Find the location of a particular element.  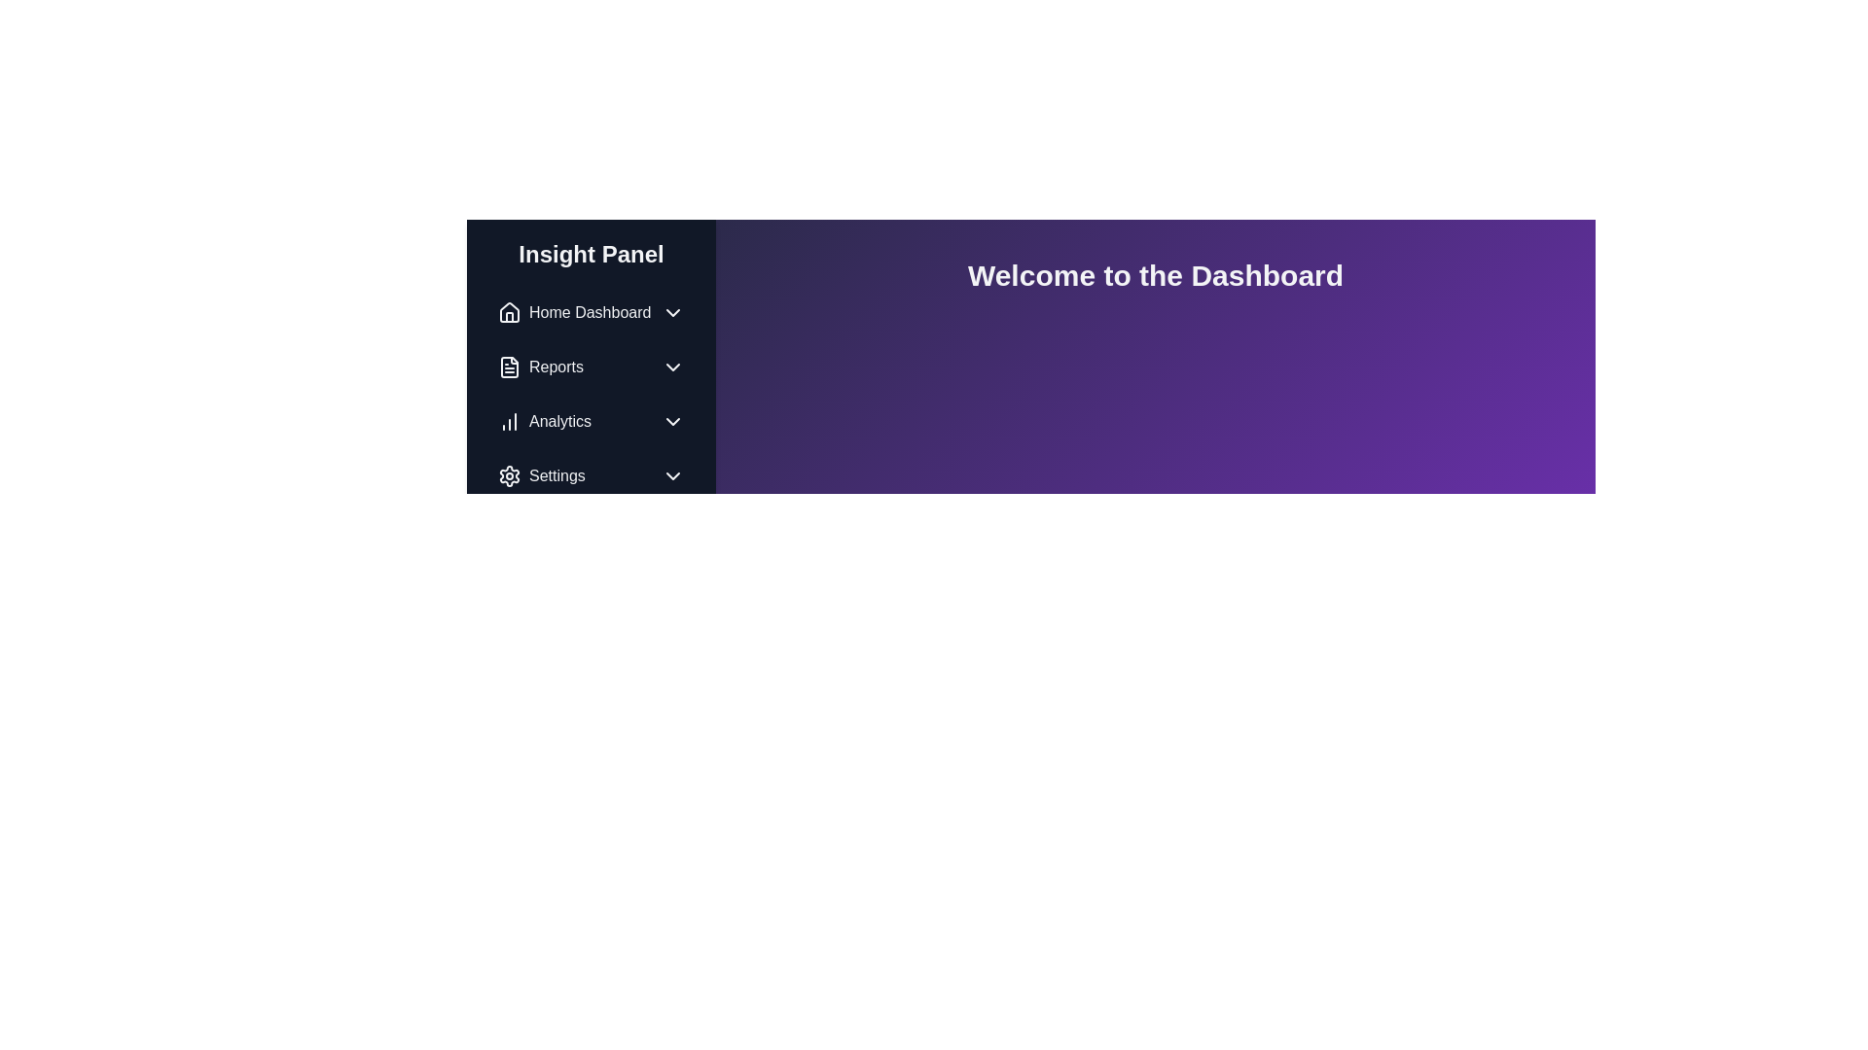

the chevron icon located to the right of the 'Settings' label in the Insight Panel navigation menu is located at coordinates (672, 475).